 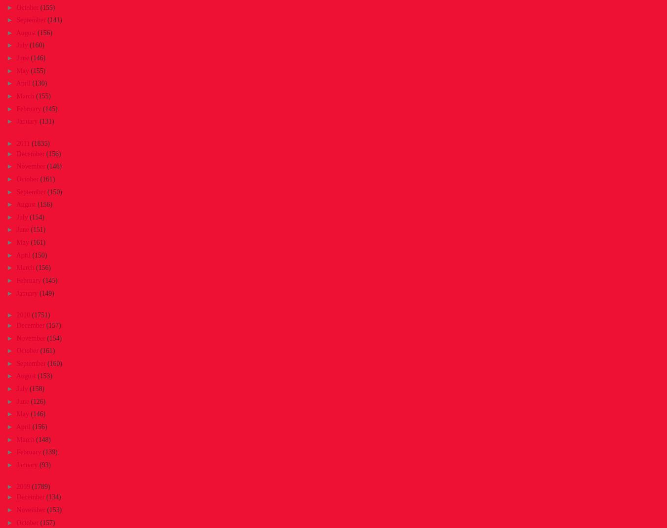 What do you see at coordinates (44, 465) in the screenshot?
I see `'(93)'` at bounding box center [44, 465].